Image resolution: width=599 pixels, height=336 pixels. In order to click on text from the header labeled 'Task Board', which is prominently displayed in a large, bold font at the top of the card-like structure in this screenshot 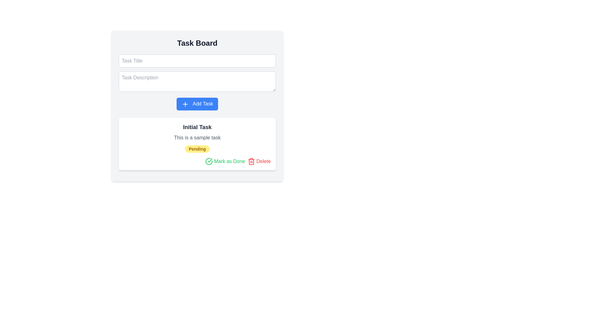, I will do `click(197, 43)`.